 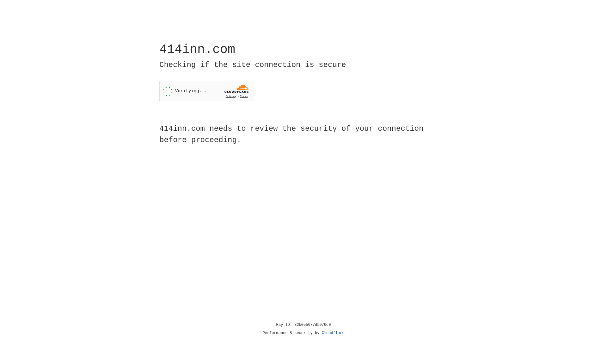 What do you see at coordinates (206, 91) in the screenshot?
I see `'Widget containing a Cloudflare security challenge'` at bounding box center [206, 91].